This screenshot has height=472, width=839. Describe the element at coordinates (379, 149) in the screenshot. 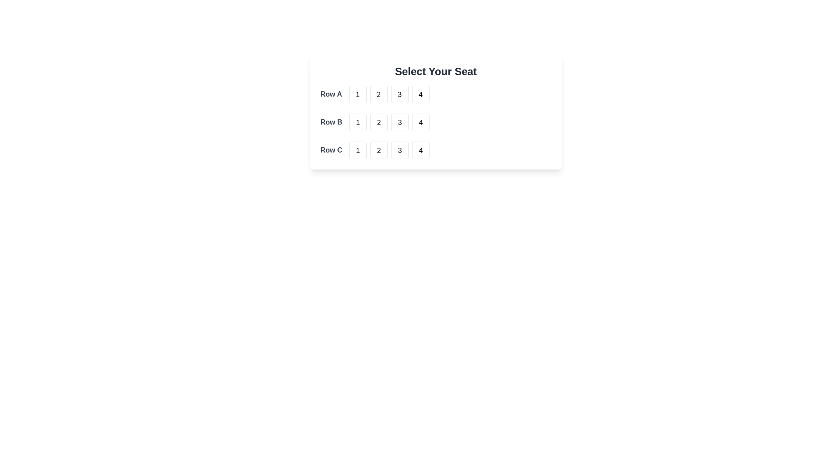

I see `the button representing the number '2' in Row C of the grid interface` at that location.